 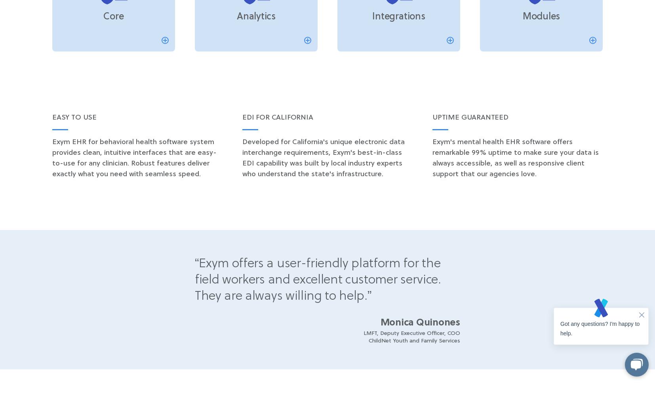 What do you see at coordinates (236, 17) in the screenshot?
I see `'Analytics'` at bounding box center [236, 17].